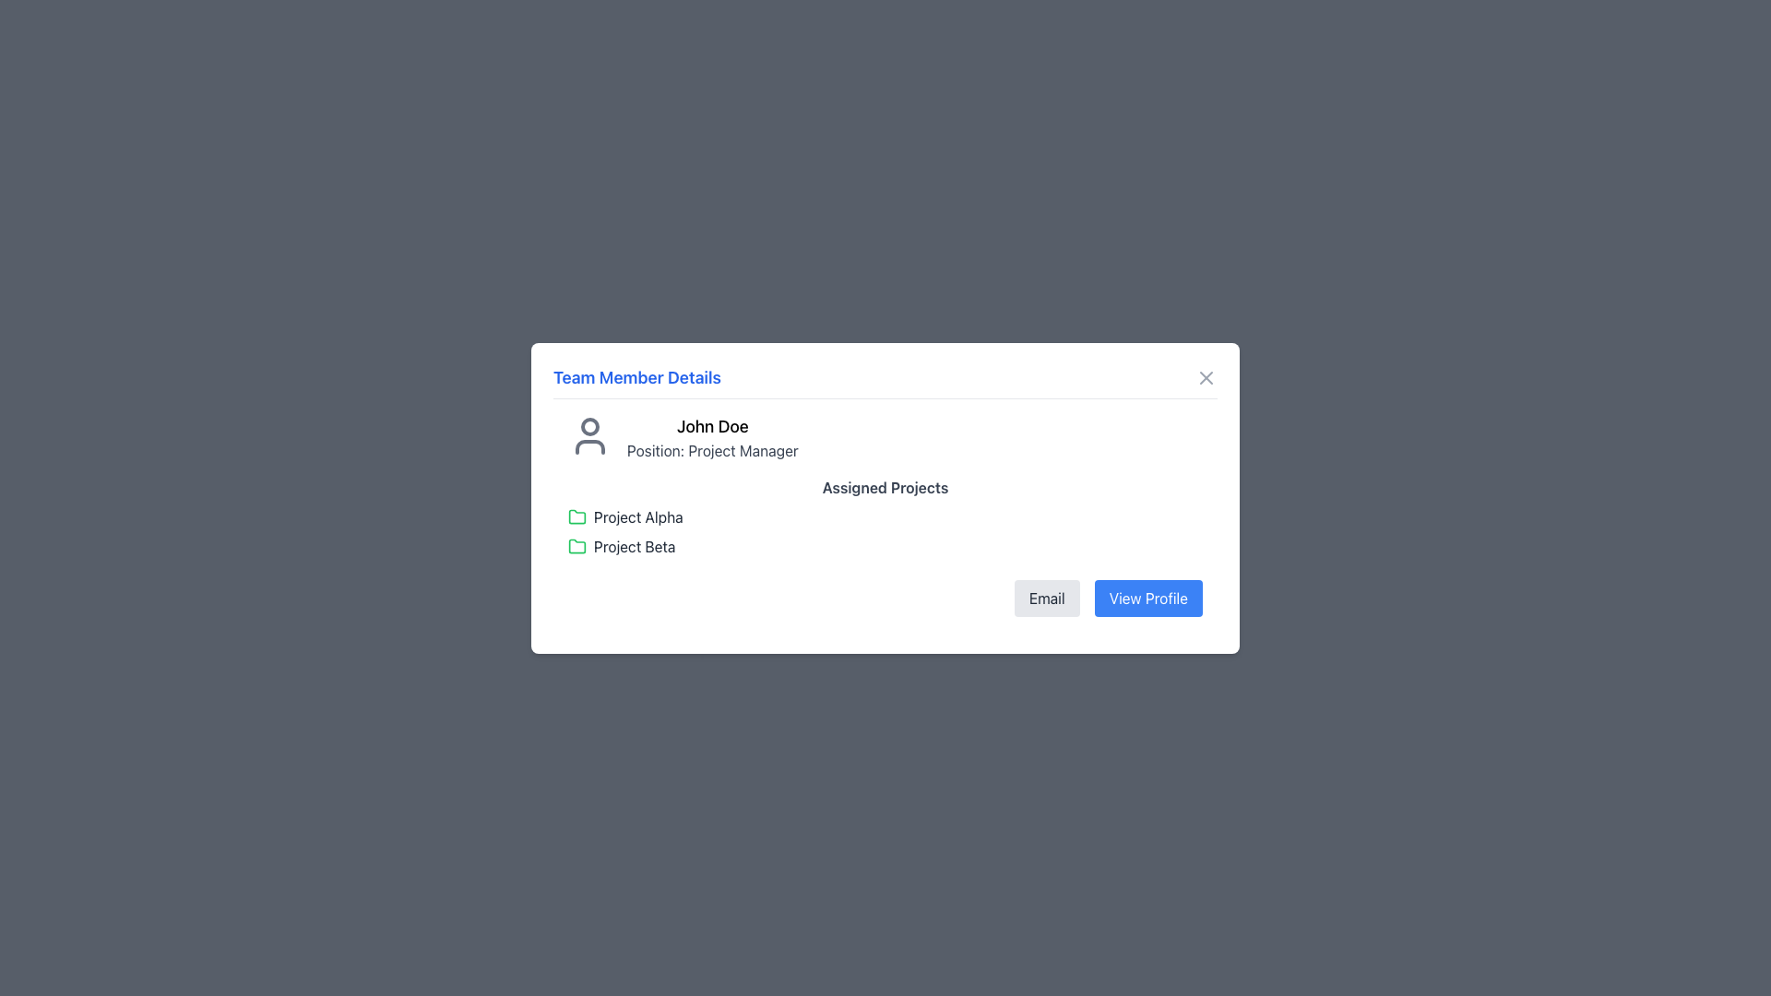 Image resolution: width=1771 pixels, height=996 pixels. I want to click on the Text Label displaying 'Project Alpha', which is styled in dark gray and positioned to the right of a green folder icon, indicating it as the first project under 'Assigned Projects', so click(638, 516).